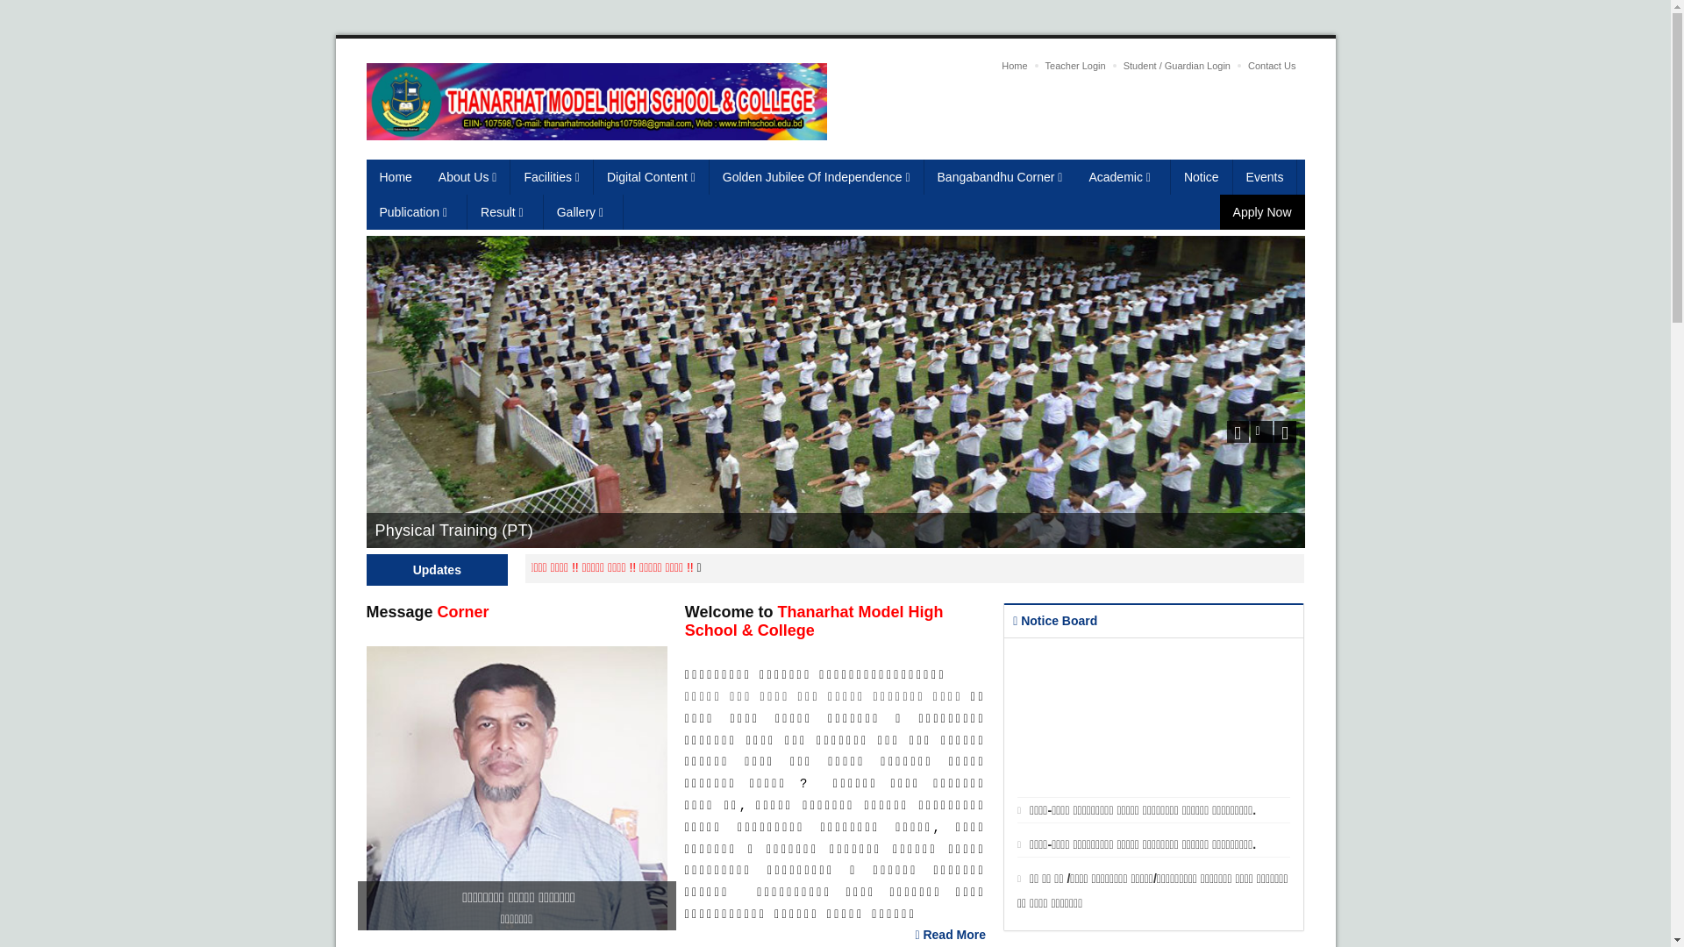  What do you see at coordinates (651, 176) in the screenshot?
I see `'Digital Content'` at bounding box center [651, 176].